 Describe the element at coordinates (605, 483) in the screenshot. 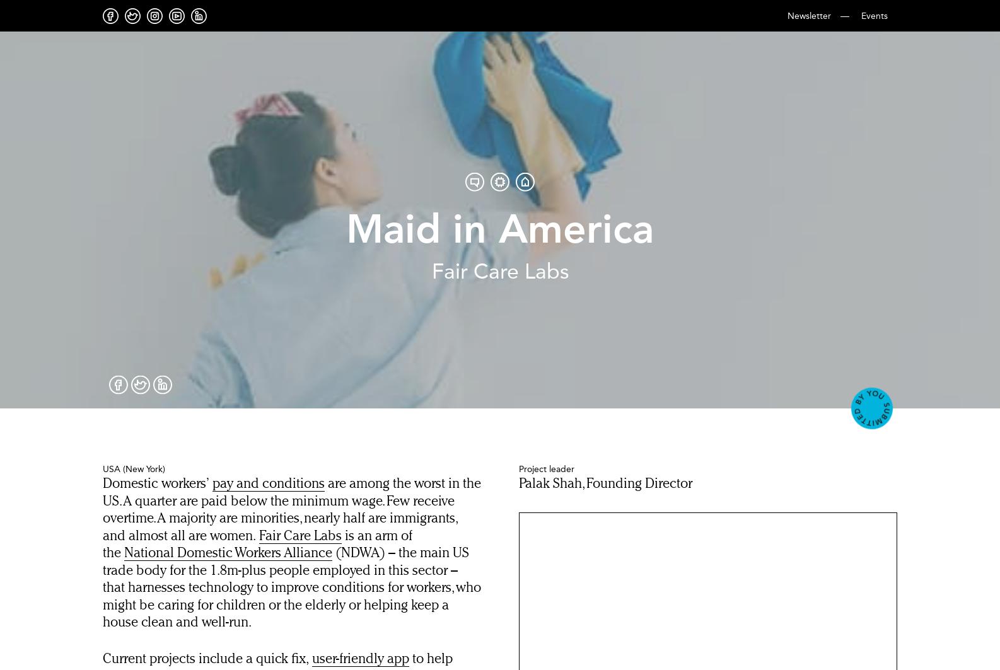

I see `'Palak Shah, Founding Director'` at that location.